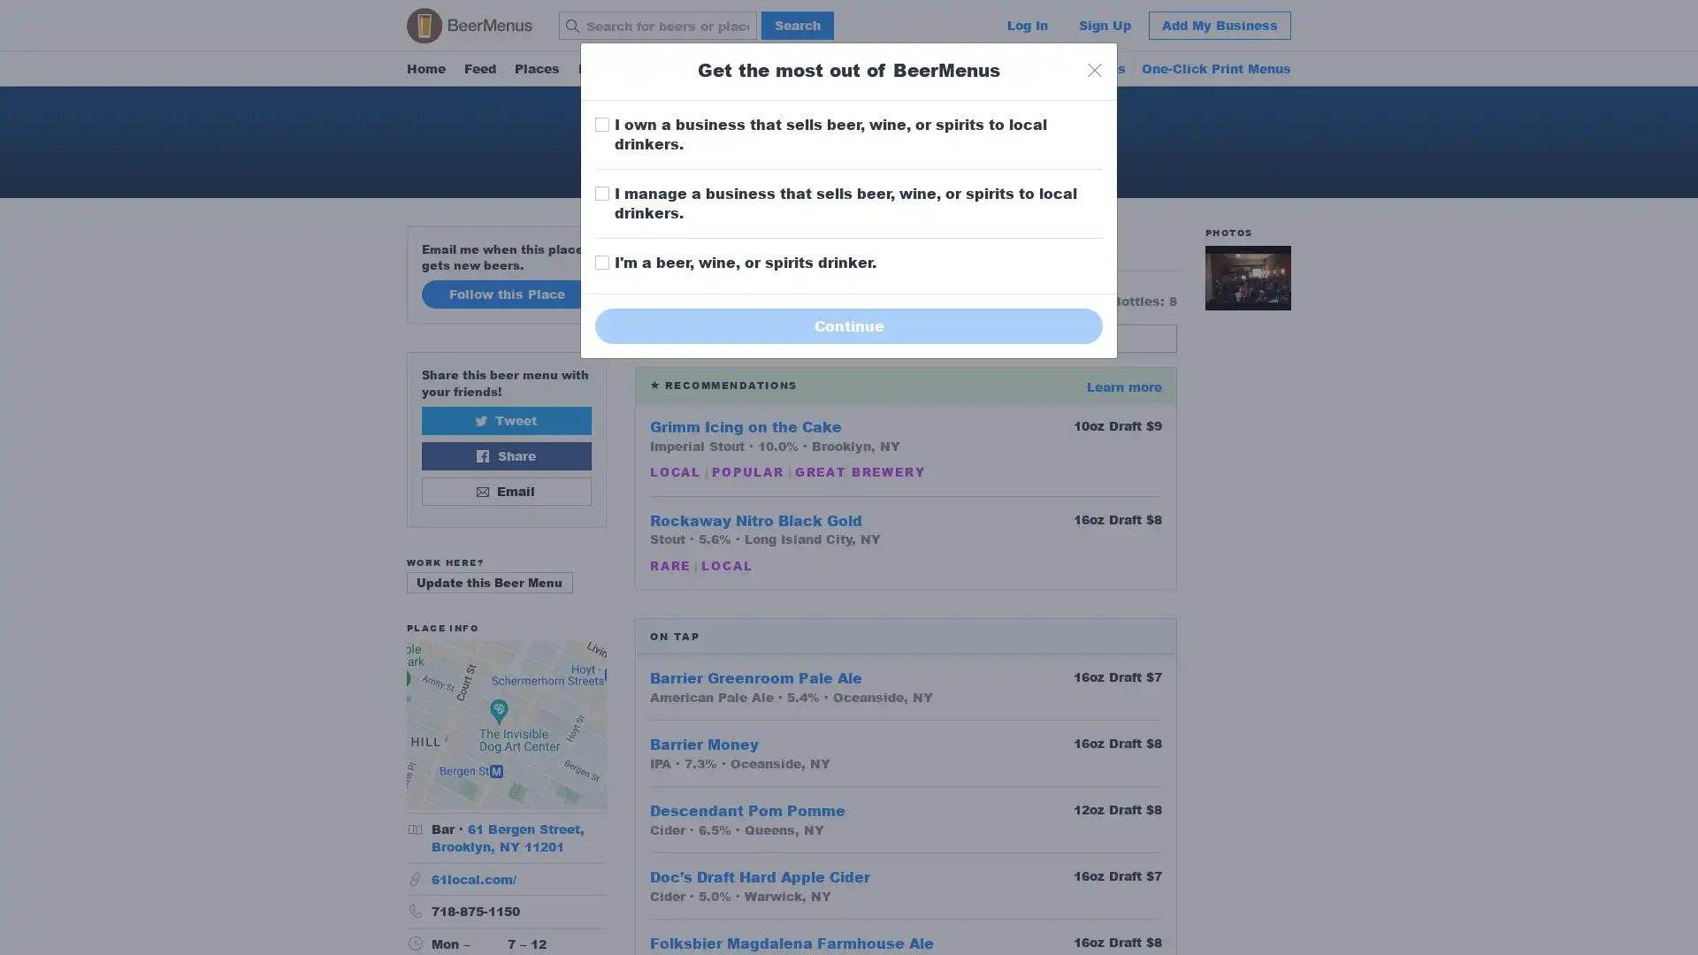 Image resolution: width=1698 pixels, height=955 pixels. What do you see at coordinates (849, 325) in the screenshot?
I see `Continue` at bounding box center [849, 325].